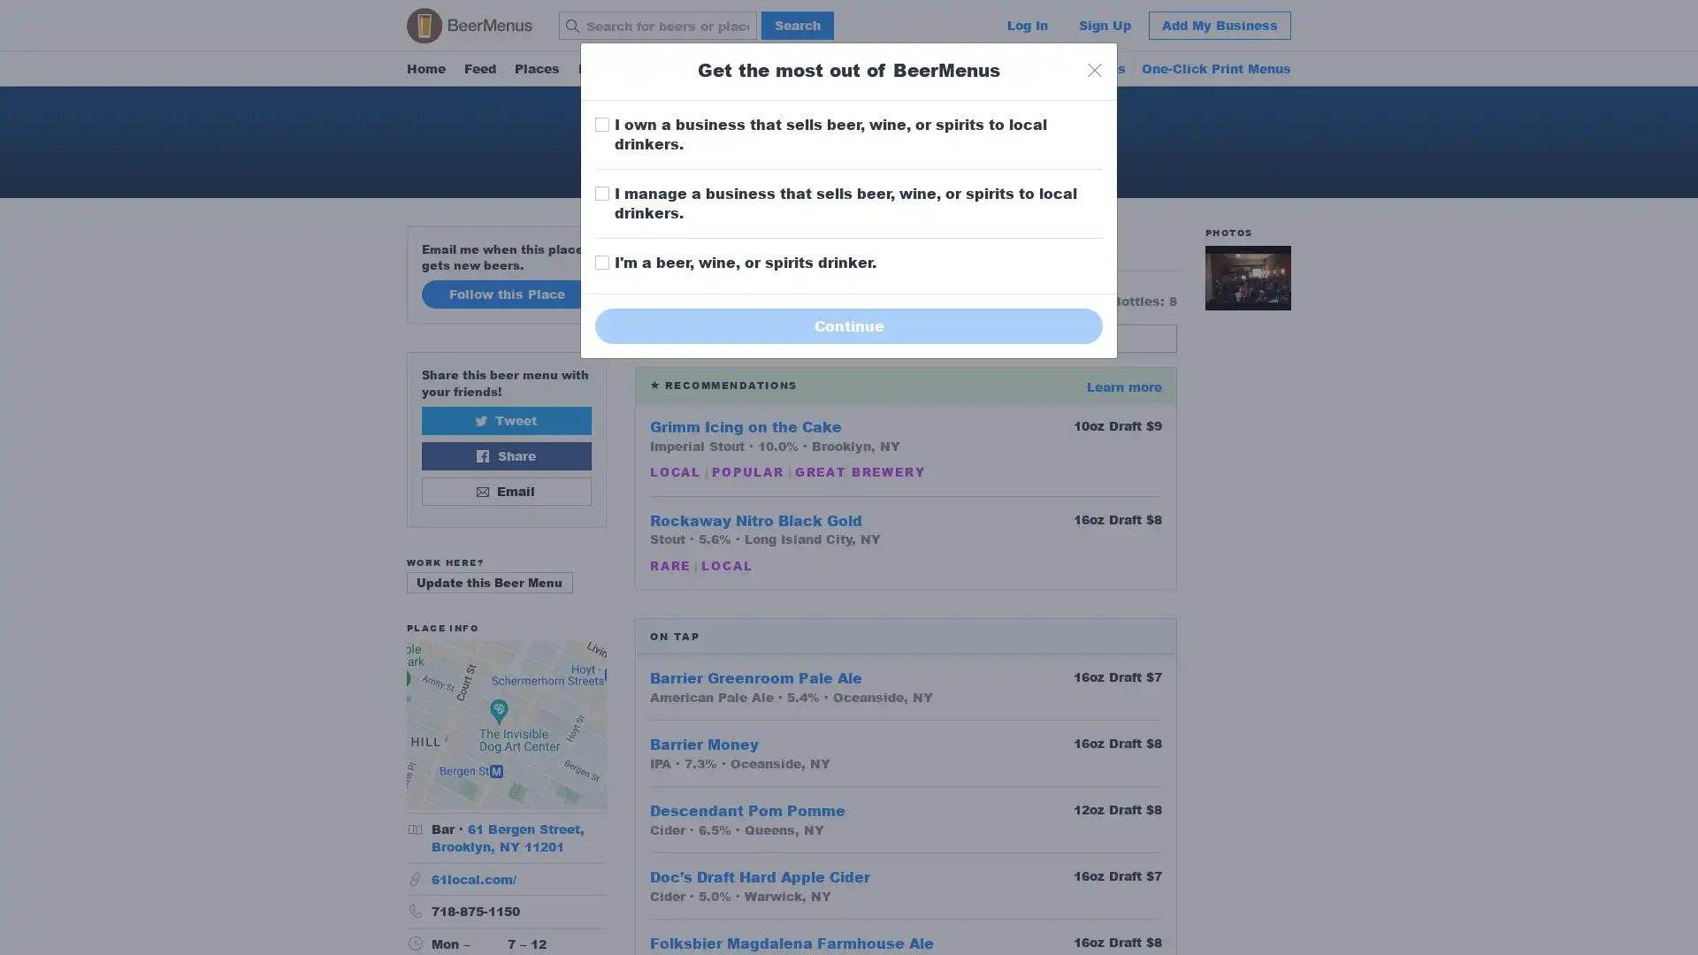 Image resolution: width=1698 pixels, height=955 pixels. What do you see at coordinates (849, 325) in the screenshot?
I see `Continue` at bounding box center [849, 325].